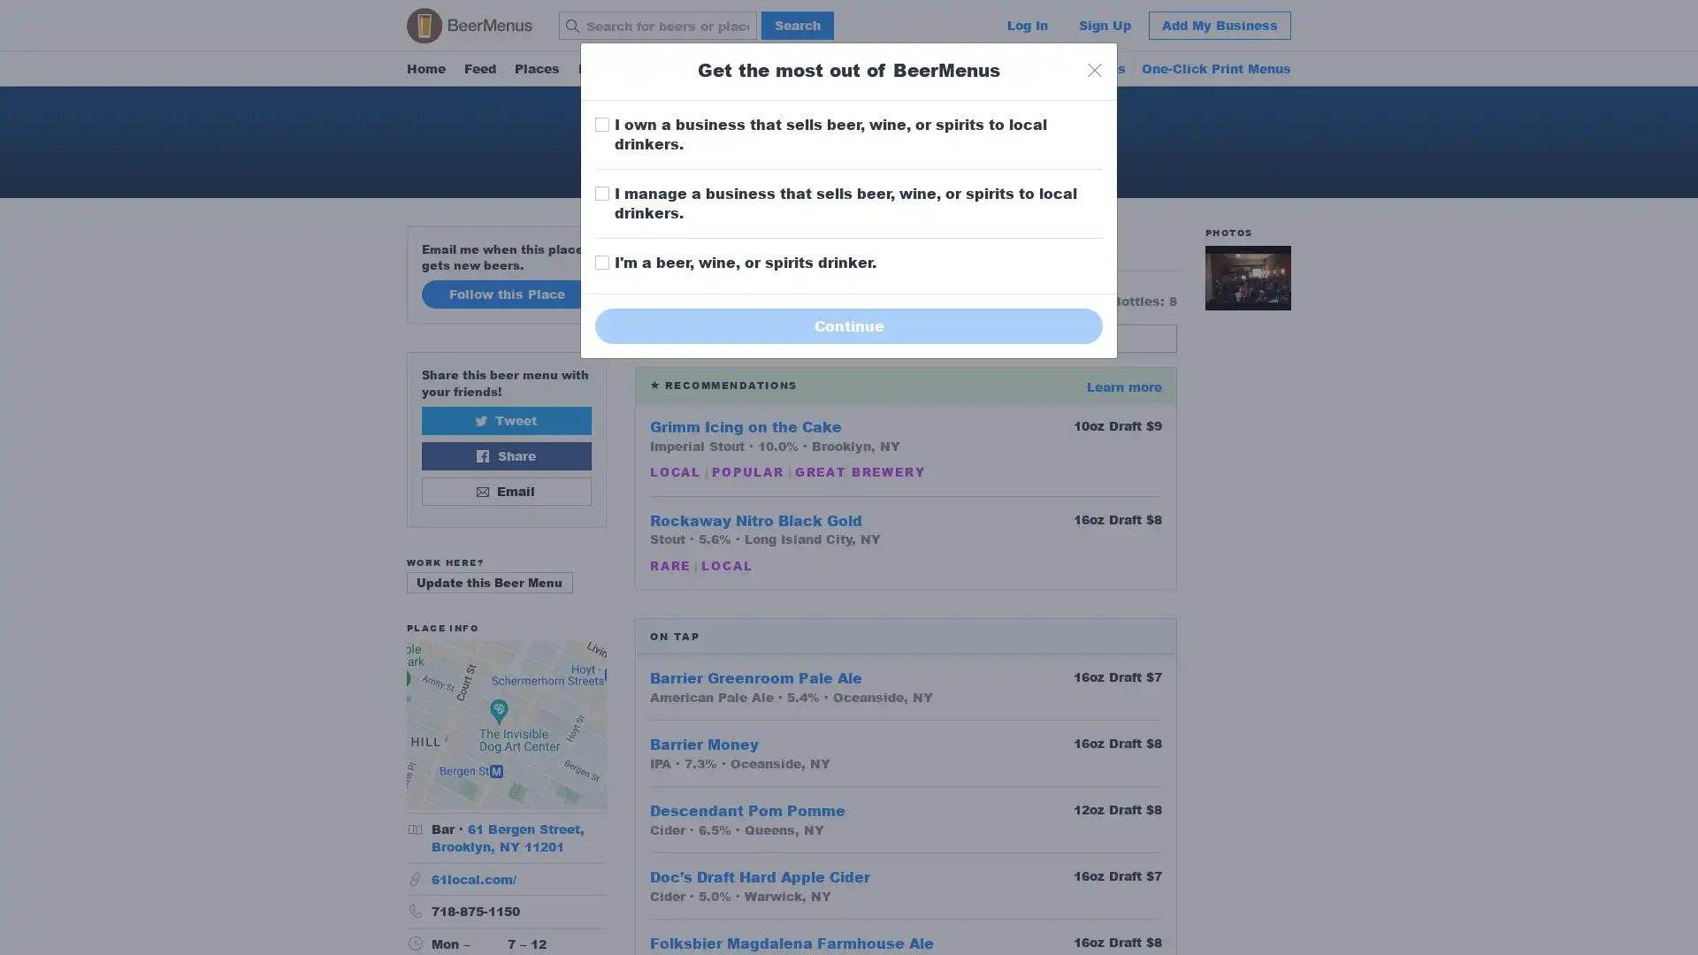 Image resolution: width=1698 pixels, height=955 pixels. What do you see at coordinates (849, 325) in the screenshot?
I see `Continue` at bounding box center [849, 325].